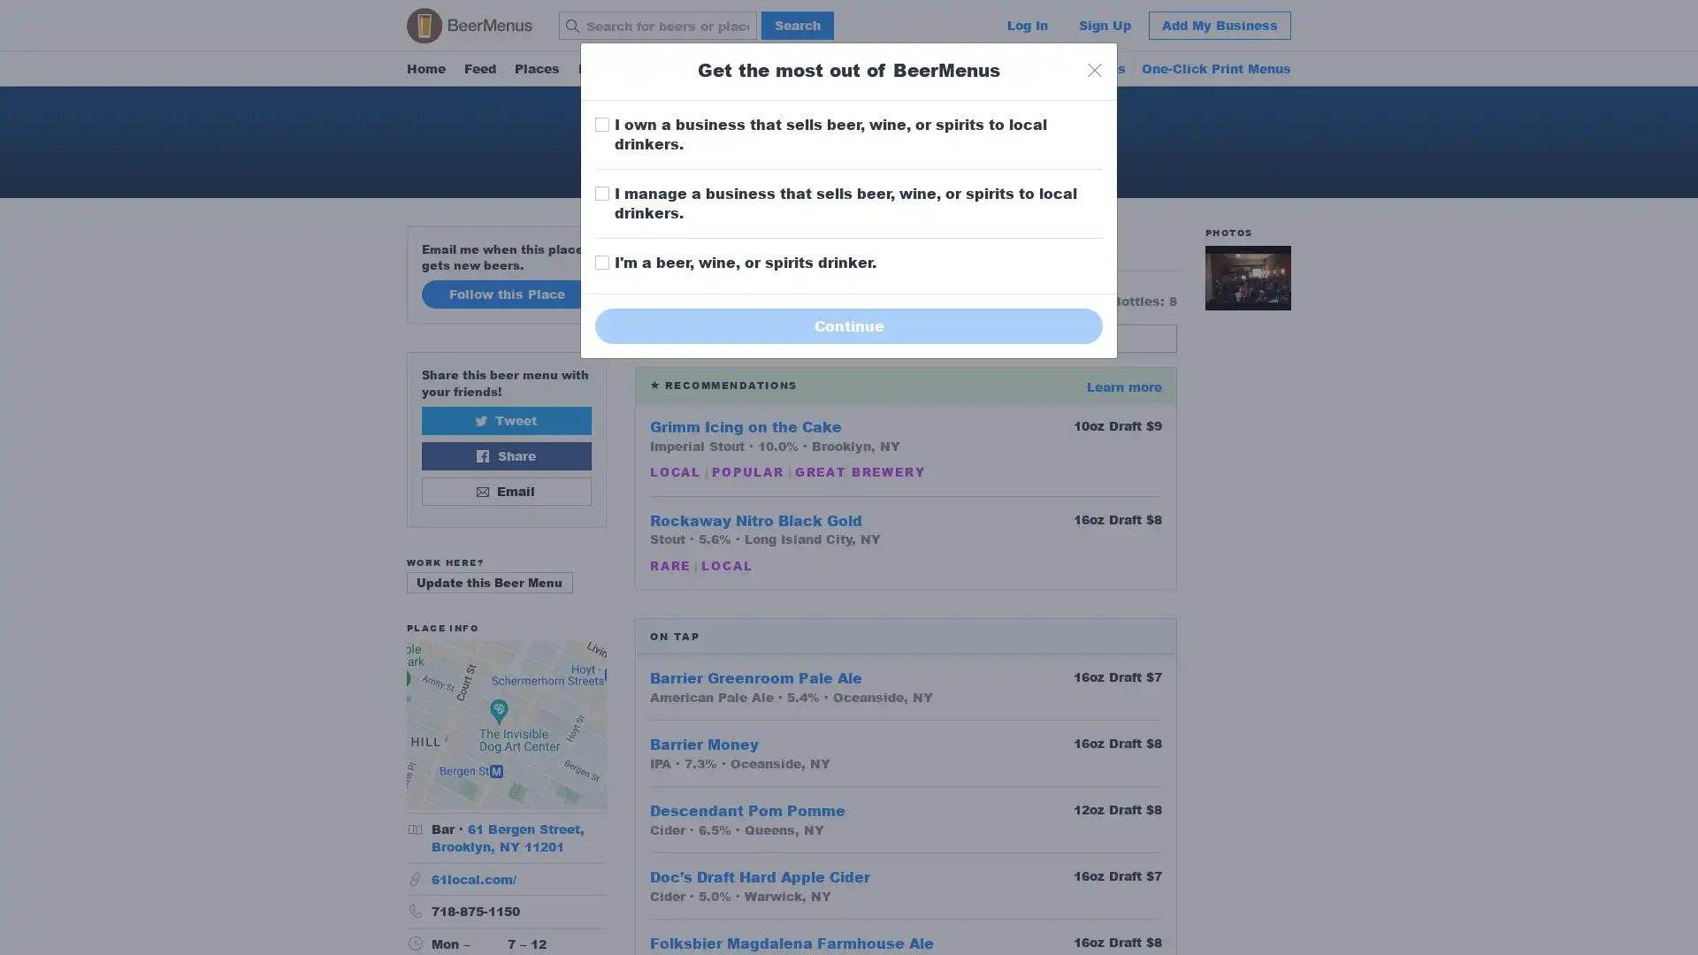 Image resolution: width=1698 pixels, height=955 pixels. What do you see at coordinates (849, 325) in the screenshot?
I see `Continue` at bounding box center [849, 325].